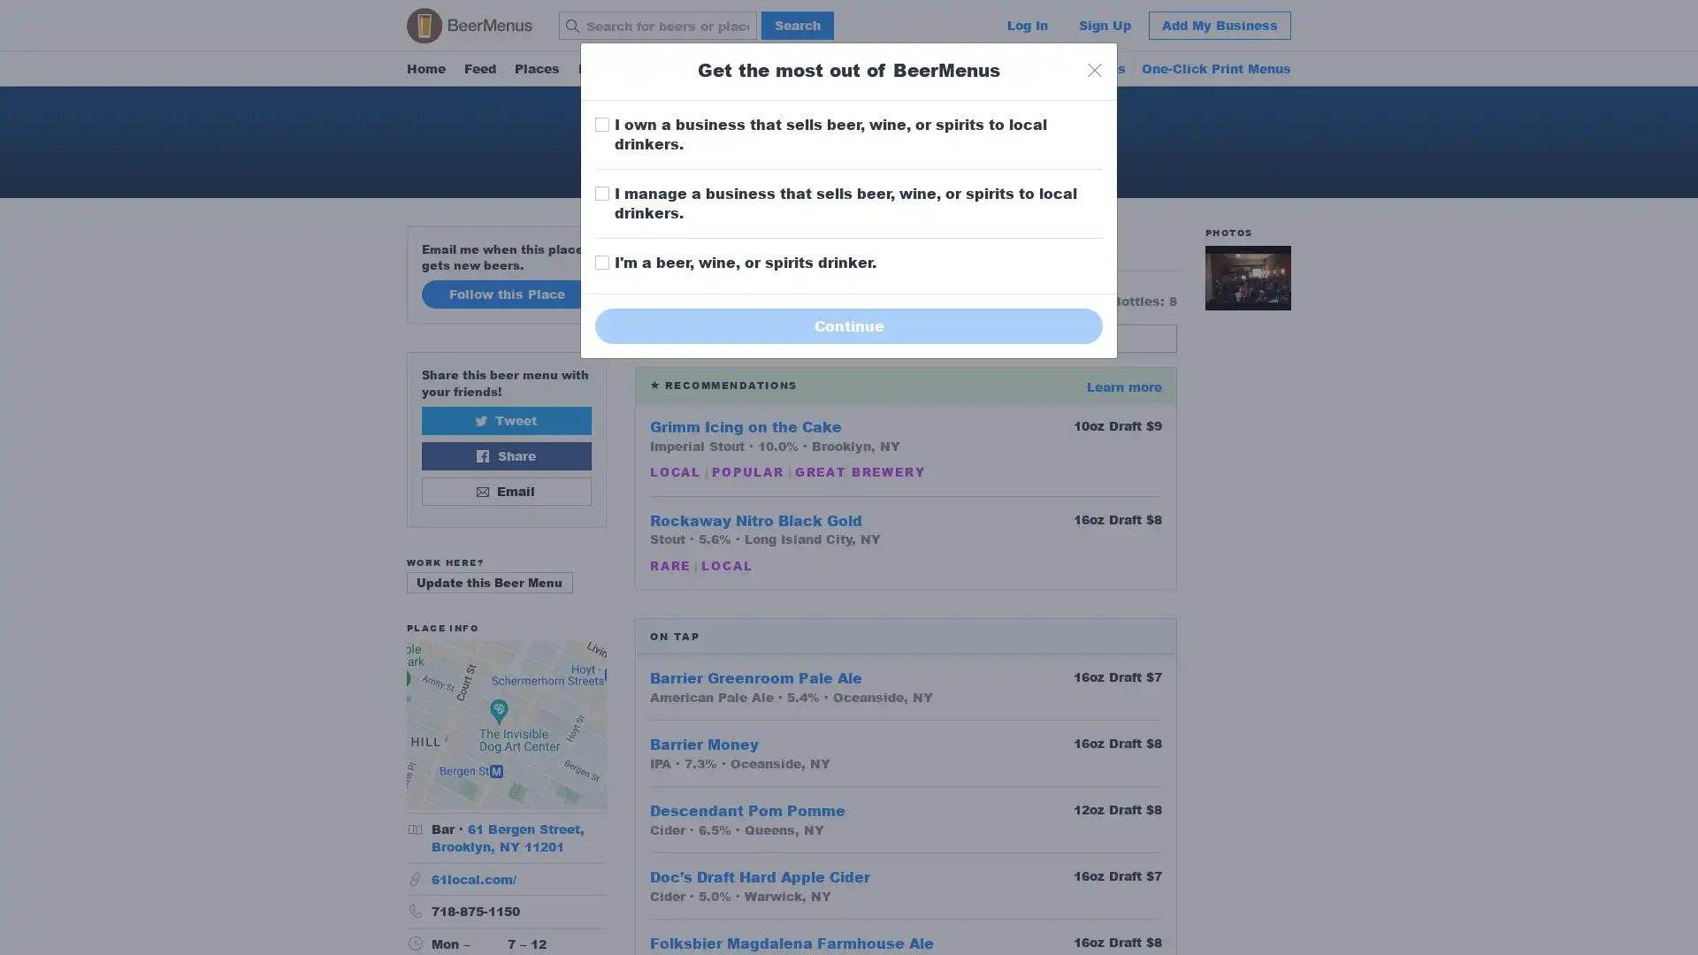 Image resolution: width=1698 pixels, height=955 pixels. What do you see at coordinates (849, 325) in the screenshot?
I see `Continue` at bounding box center [849, 325].